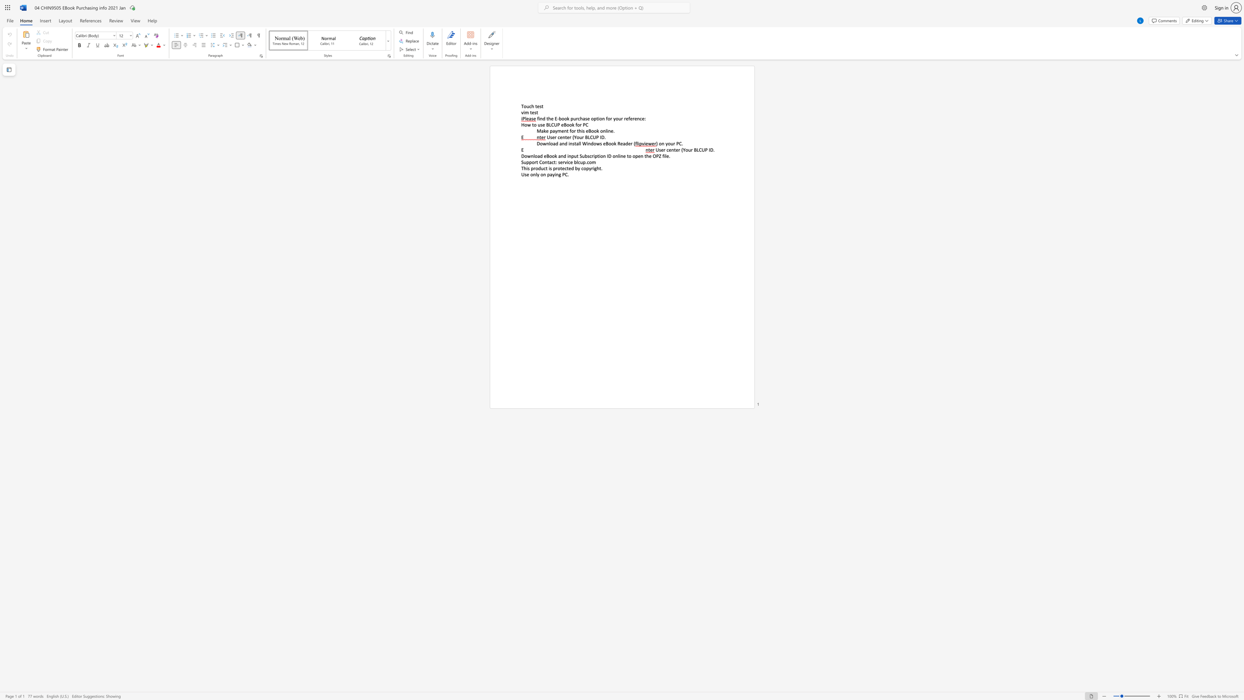 The width and height of the screenshot is (1244, 700). What do you see at coordinates (607, 118) in the screenshot?
I see `the subset text "or your refer" within the text "for your reference:"` at bounding box center [607, 118].